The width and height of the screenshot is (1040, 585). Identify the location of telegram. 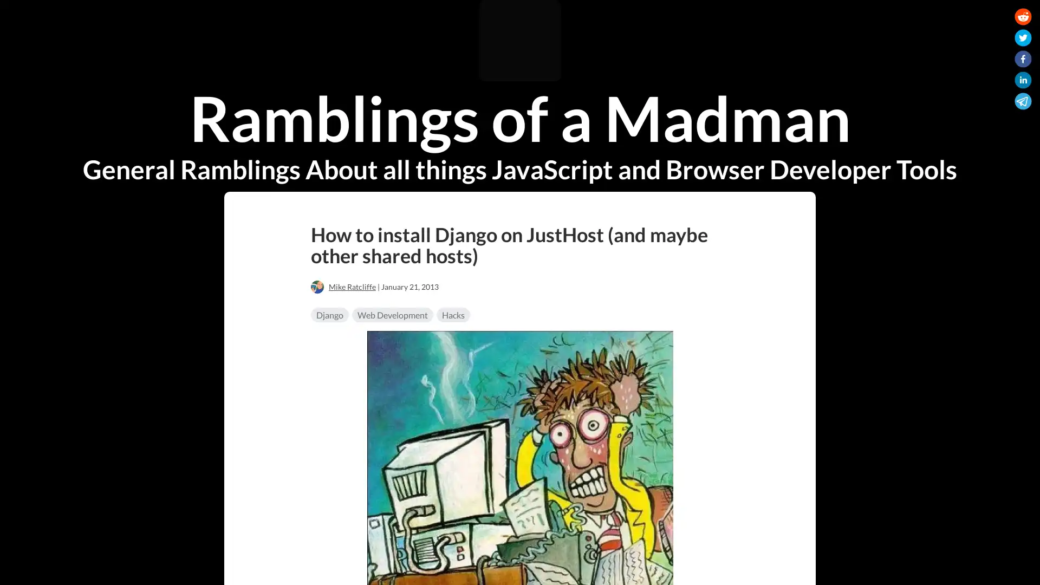
(1023, 103).